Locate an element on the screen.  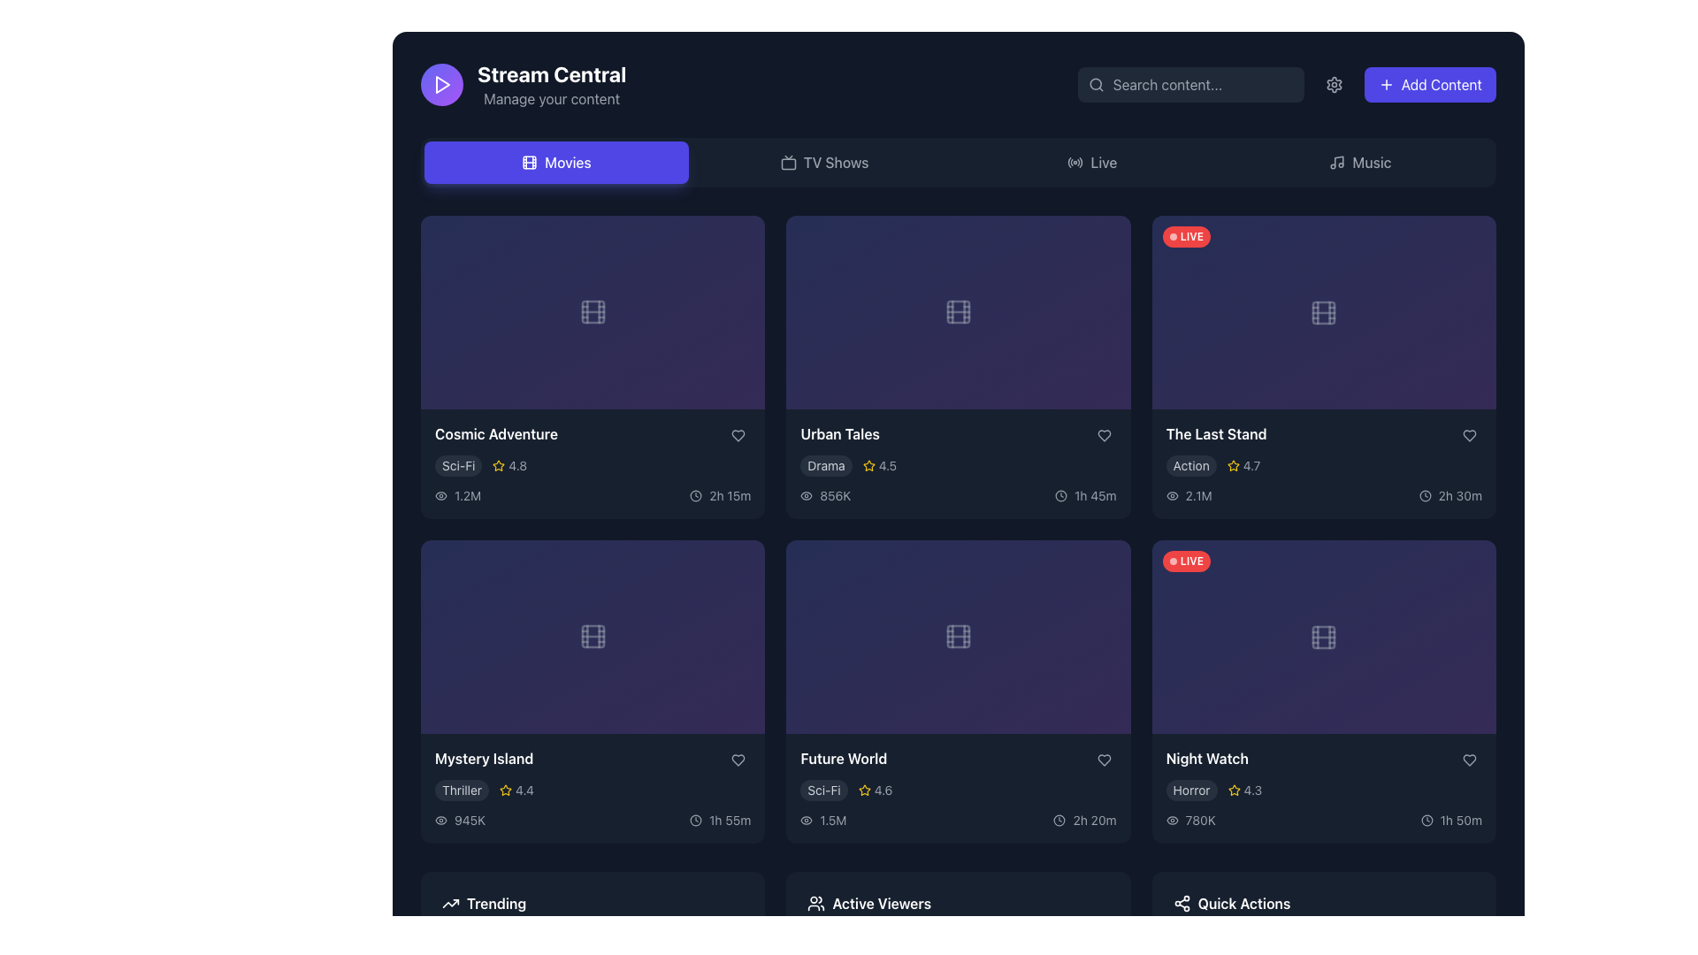
displayed text '1h 50m' from the Label with a clock icon located in the bottom-right section of the 'Night Watch' movie card is located at coordinates (1451, 821).